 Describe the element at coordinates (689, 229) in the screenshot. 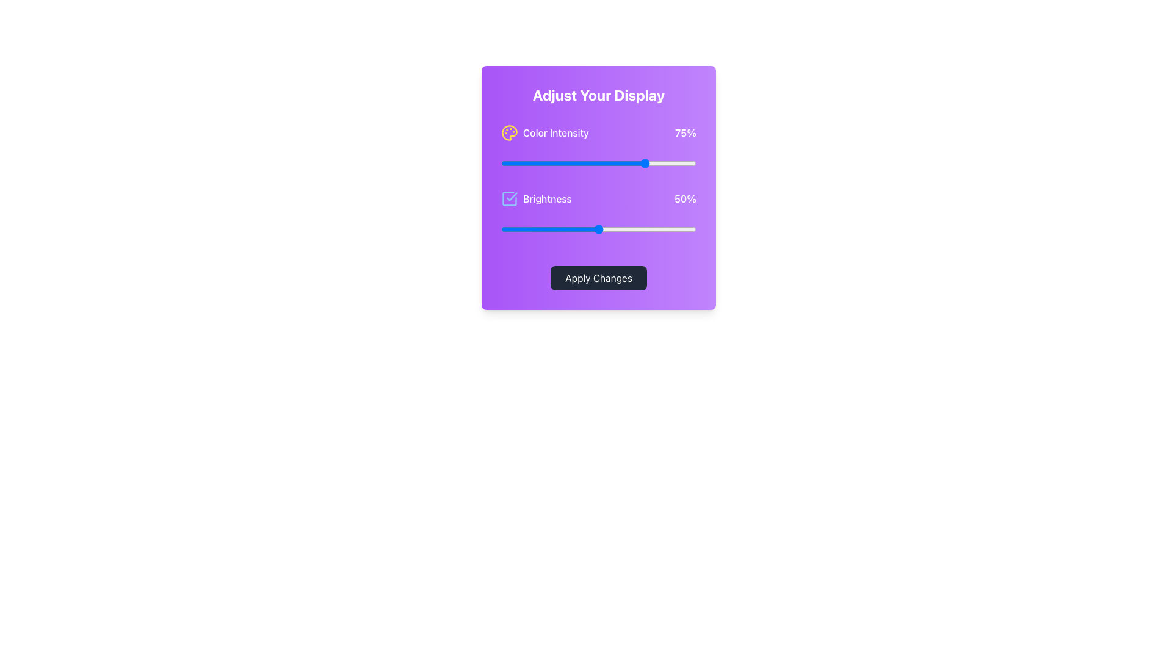

I see `the Brightness slider` at that location.